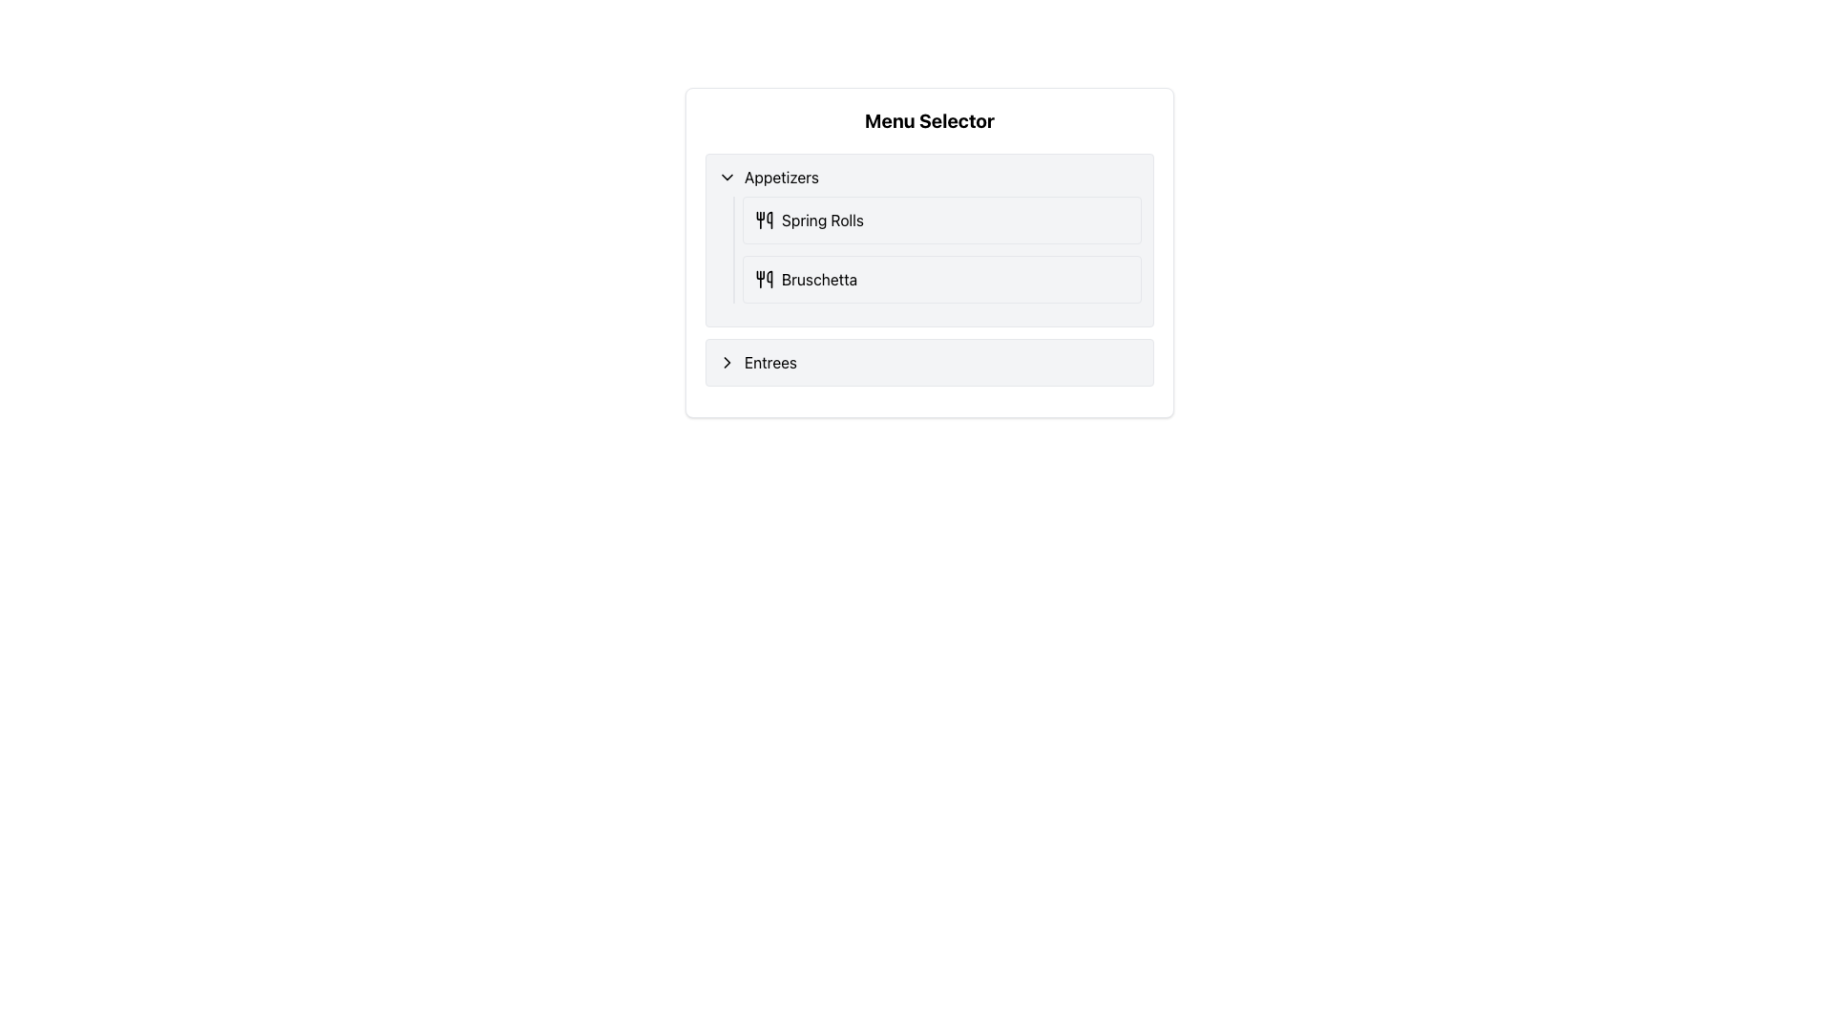  I want to click on the prominent header labeled 'Menu Selector', which is styled with bold text and a larger font size, making it highly visible against a white background, so click(930, 121).